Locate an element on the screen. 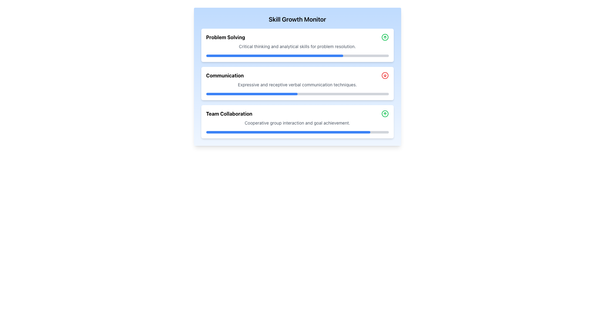 This screenshot has height=333, width=592. the horizontal progress bar indicating progress beneath the text 'Cooperative group interaction and goal achievement.' in the 'Team Collaboration' section is located at coordinates (297, 132).